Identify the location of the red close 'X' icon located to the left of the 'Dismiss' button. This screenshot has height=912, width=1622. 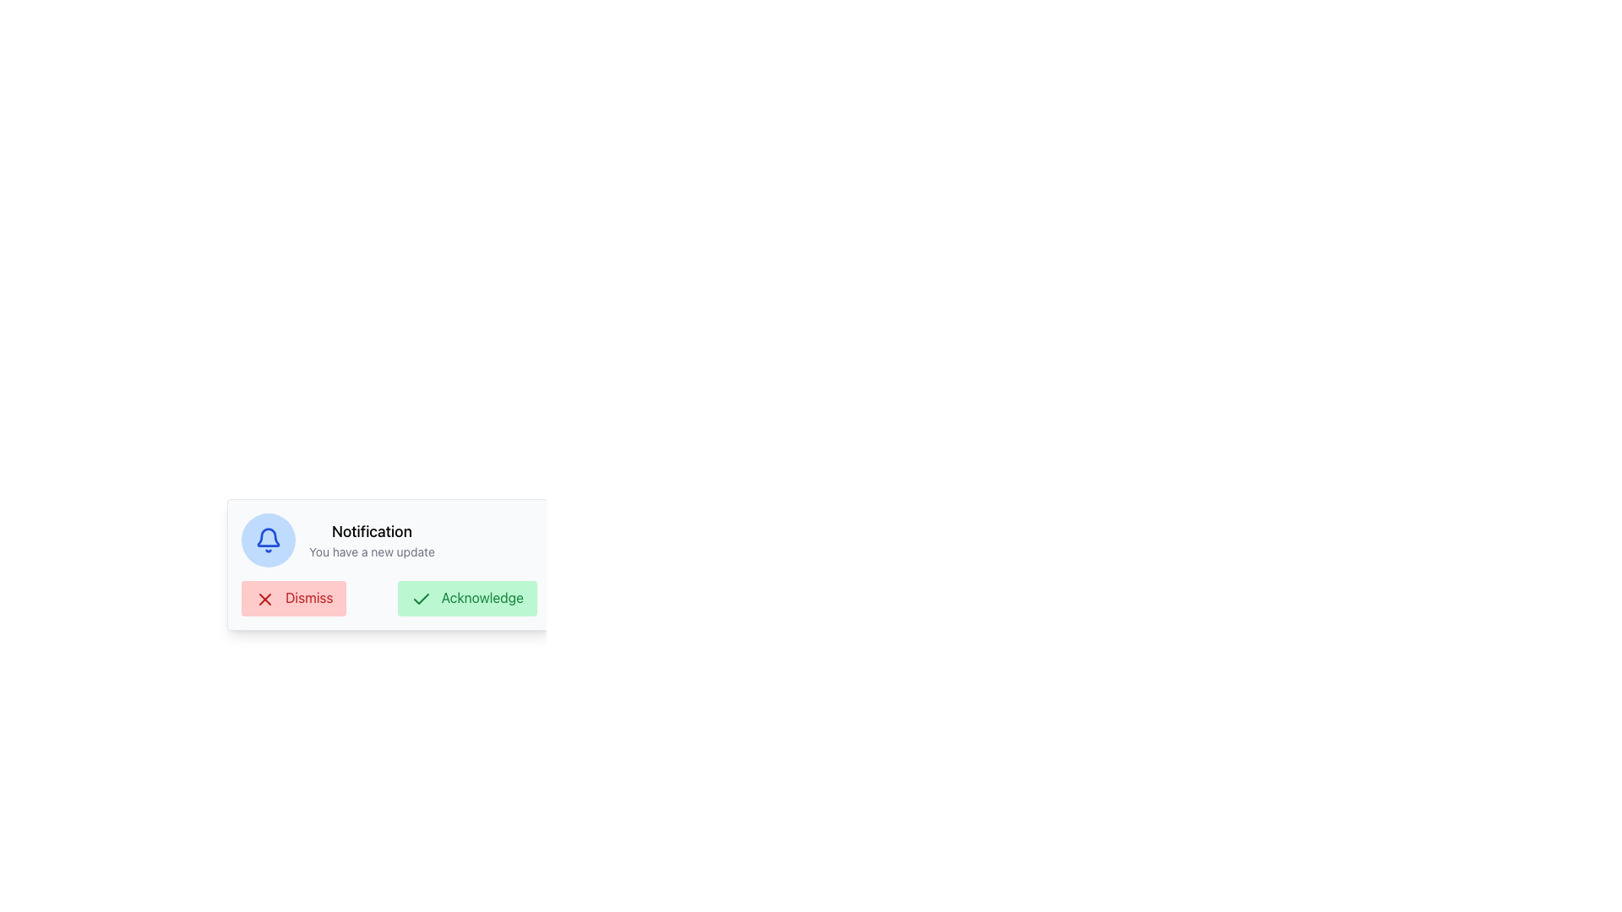
(264, 598).